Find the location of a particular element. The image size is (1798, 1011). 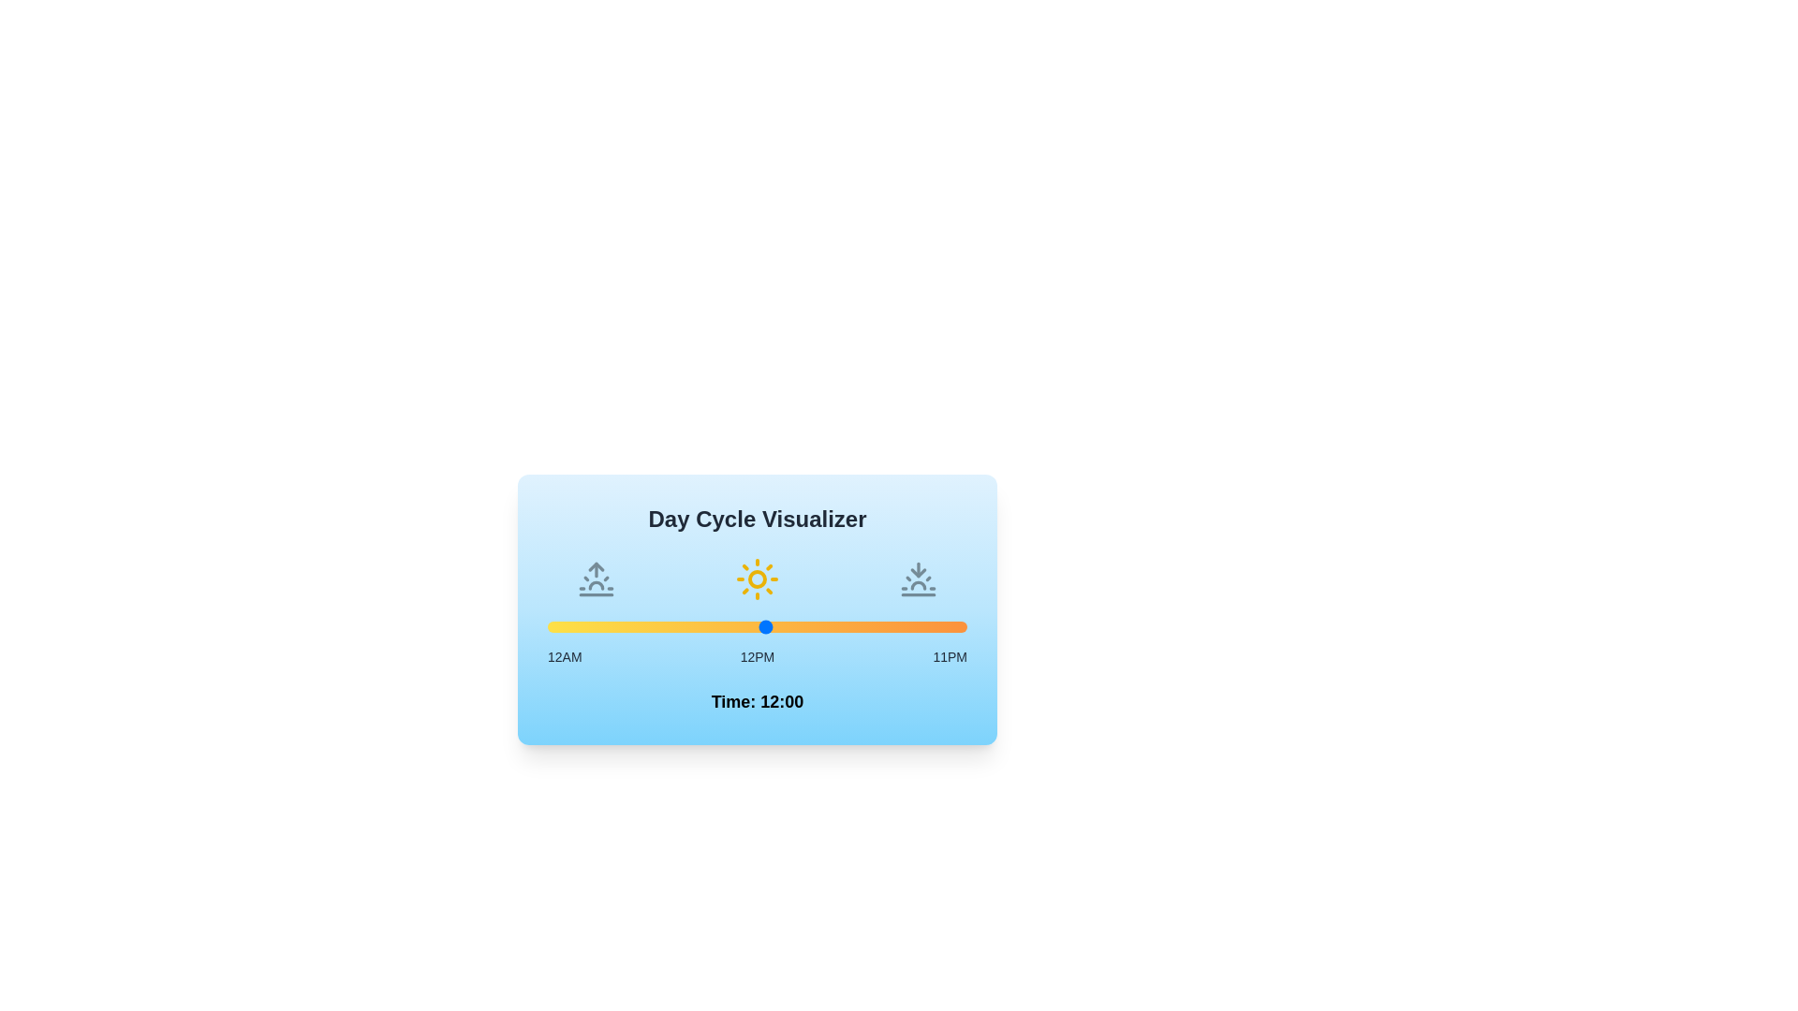

the time to 11 by moving the slider is located at coordinates (747, 627).